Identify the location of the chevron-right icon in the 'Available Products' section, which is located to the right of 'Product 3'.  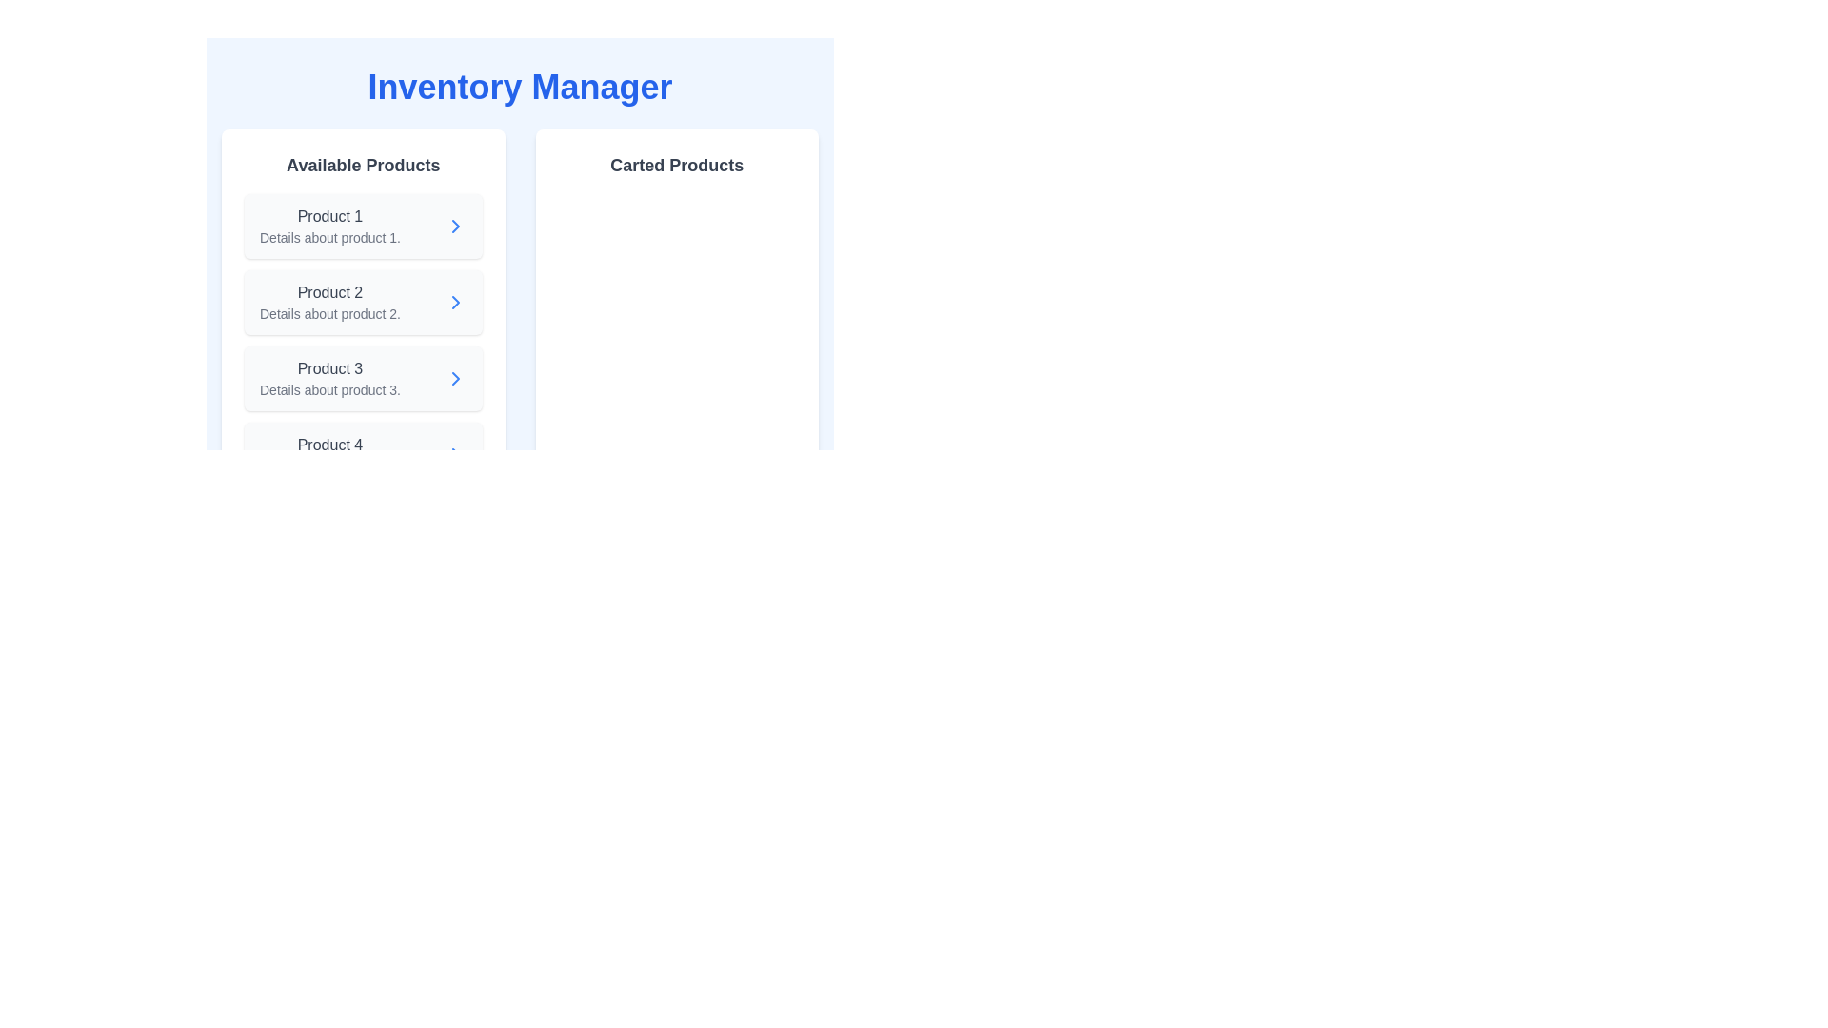
(454, 378).